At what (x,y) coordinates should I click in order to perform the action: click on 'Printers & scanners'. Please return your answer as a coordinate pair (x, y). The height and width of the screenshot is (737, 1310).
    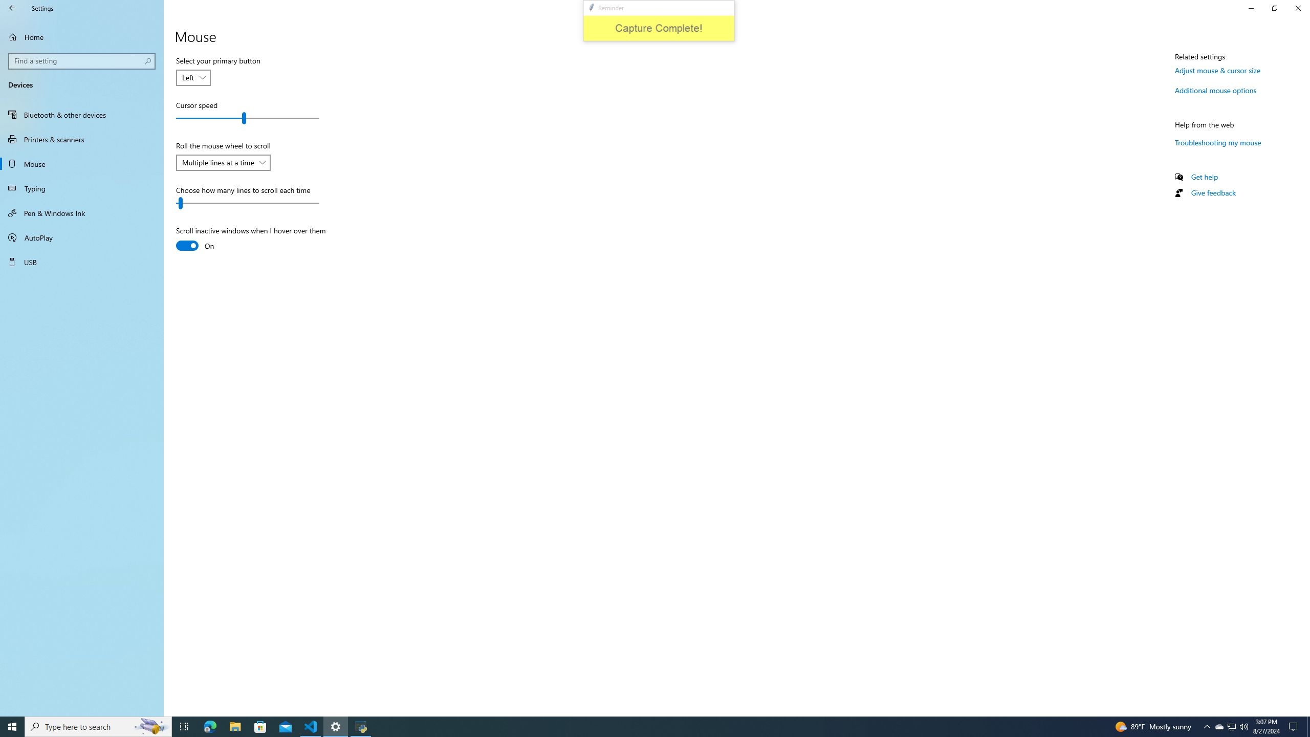
    Looking at the image, I should click on (81, 139).